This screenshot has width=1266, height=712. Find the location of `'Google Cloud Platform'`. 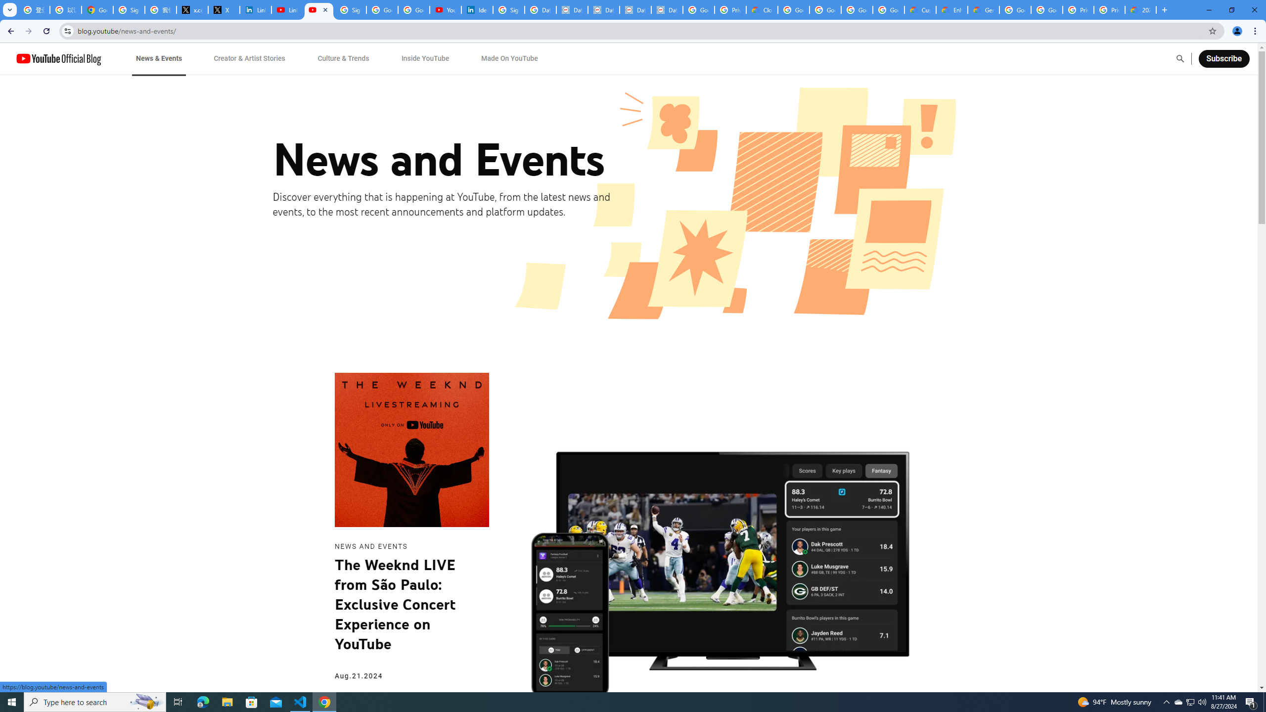

'Google Cloud Platform' is located at coordinates (1015, 9).